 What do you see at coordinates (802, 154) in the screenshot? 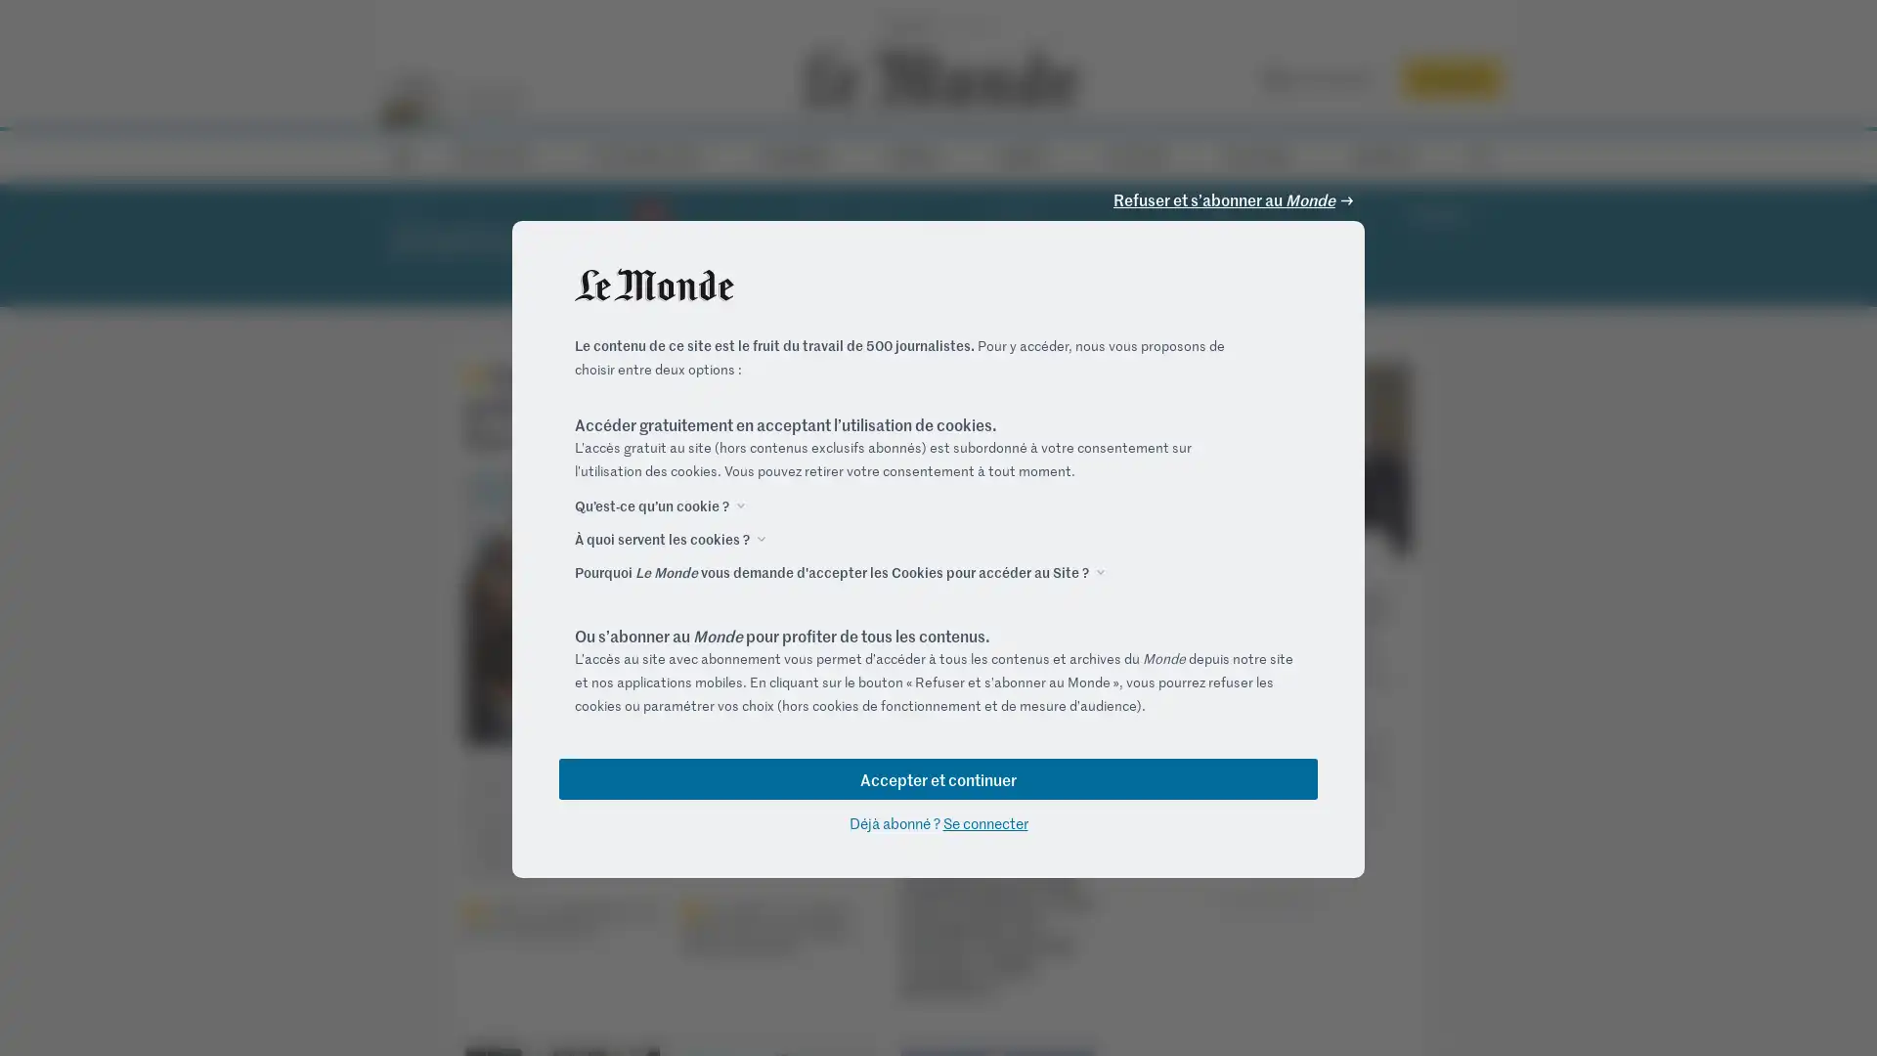
I see `ECONOMIE` at bounding box center [802, 154].